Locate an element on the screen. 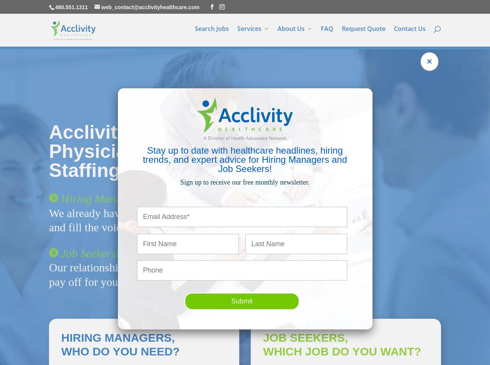 Image resolution: width=490 pixels, height=365 pixels. 'Hiring Managers,' is located at coordinates (117, 337).